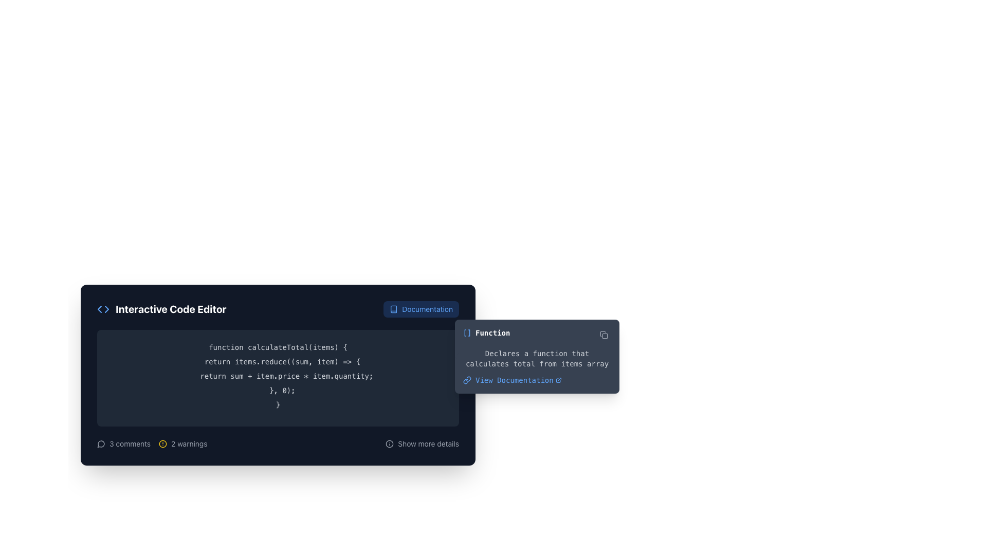 This screenshot has height=555, width=987. What do you see at coordinates (278, 390) in the screenshot?
I see `the closing syntax of a JavaScript reduce function, which is the fifth line in a dark-themed code editor interface` at bounding box center [278, 390].